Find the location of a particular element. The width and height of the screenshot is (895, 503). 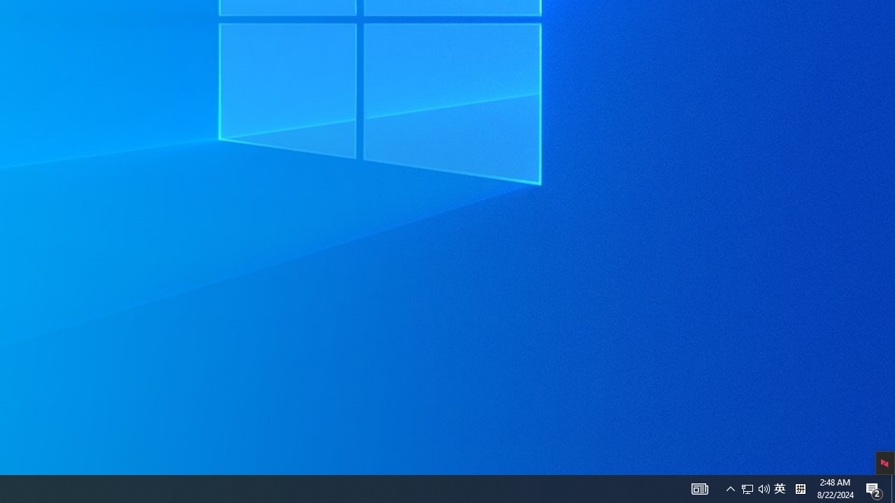

'Show desktop' is located at coordinates (874, 488).